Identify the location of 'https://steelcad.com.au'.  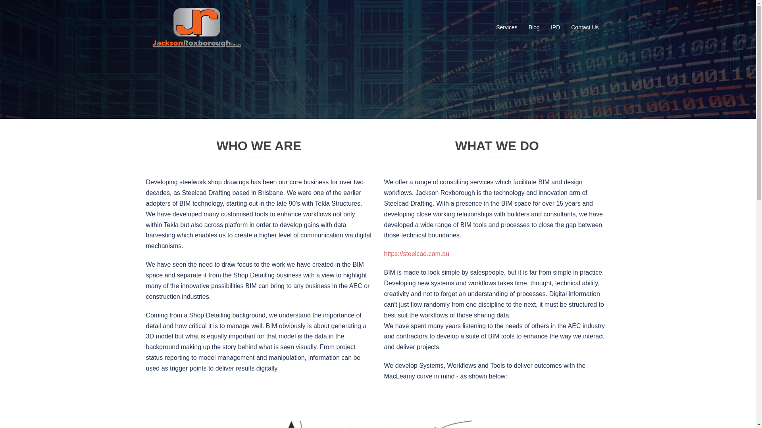
(416, 254).